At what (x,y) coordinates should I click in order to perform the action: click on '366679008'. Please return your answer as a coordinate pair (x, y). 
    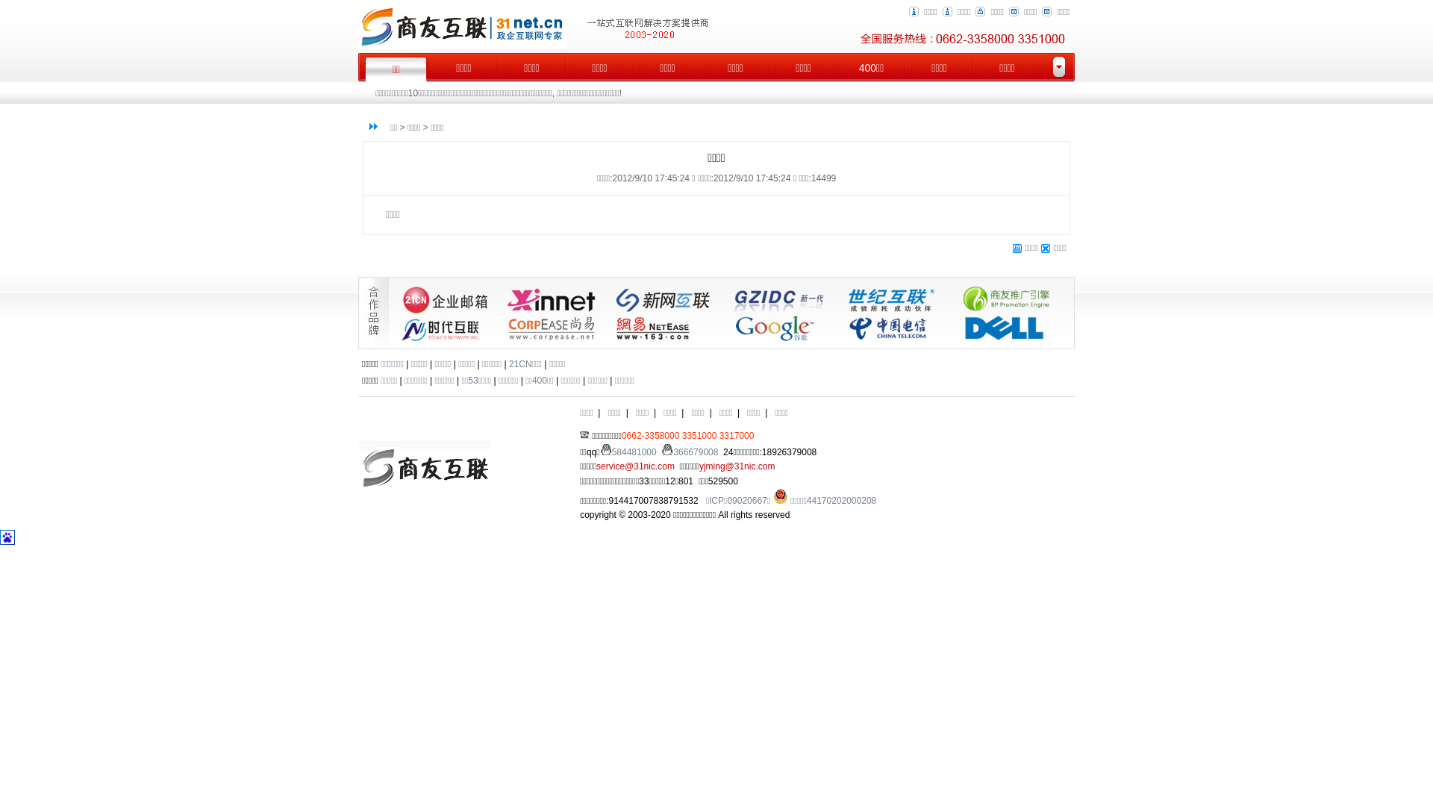
    Looking at the image, I should click on (689, 451).